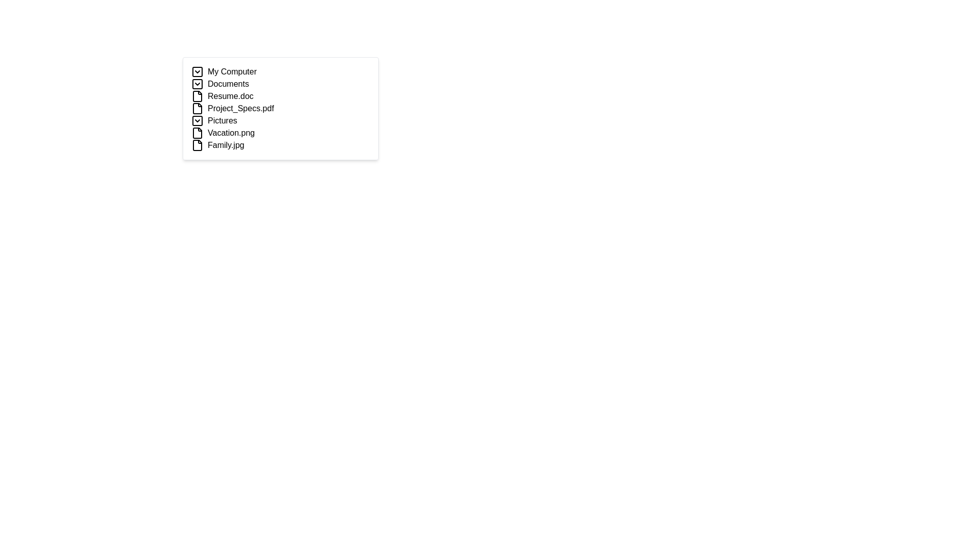 The image size is (980, 551). I want to click on on the file entry named 'Family.jpg' located at the bottom of the list, following 'Vacation.png', so click(281, 145).